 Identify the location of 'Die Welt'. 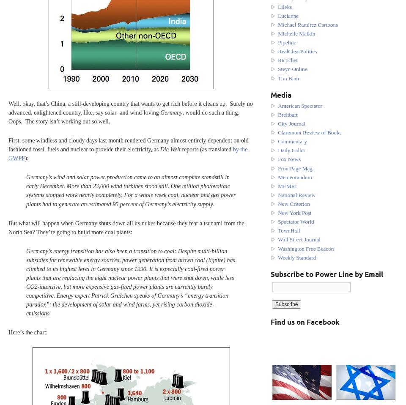
(169, 149).